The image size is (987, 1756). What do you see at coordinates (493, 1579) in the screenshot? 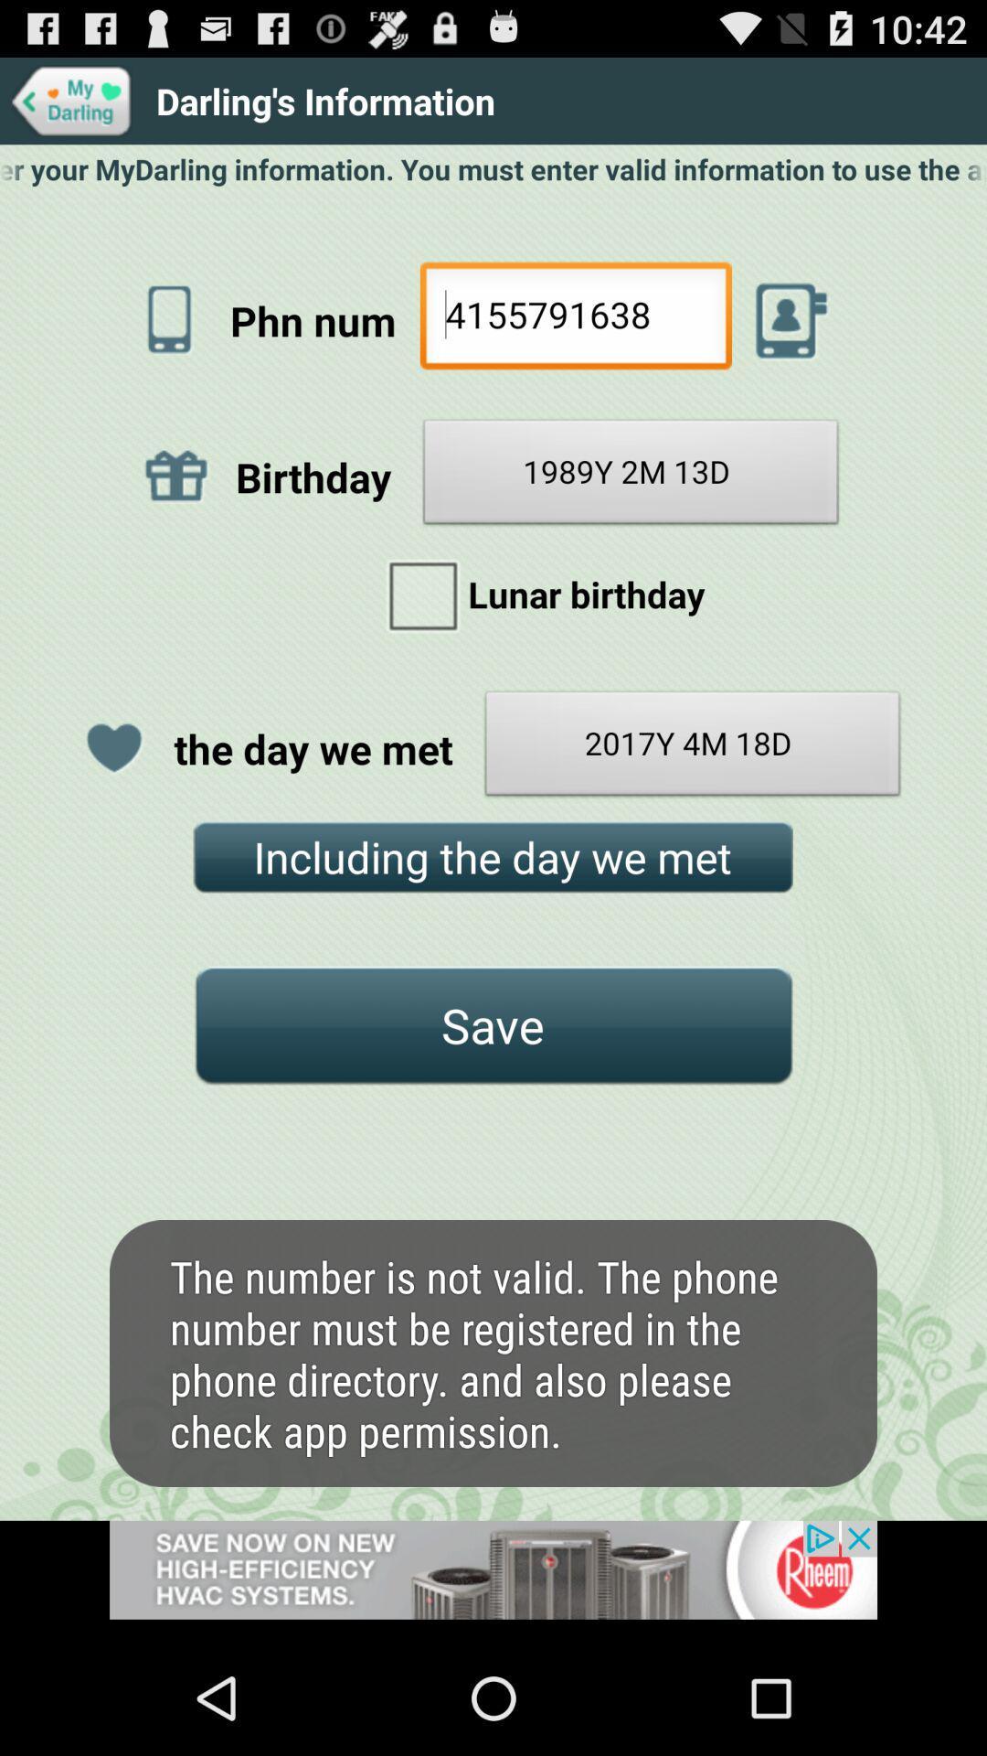
I see `advertisement page` at bounding box center [493, 1579].